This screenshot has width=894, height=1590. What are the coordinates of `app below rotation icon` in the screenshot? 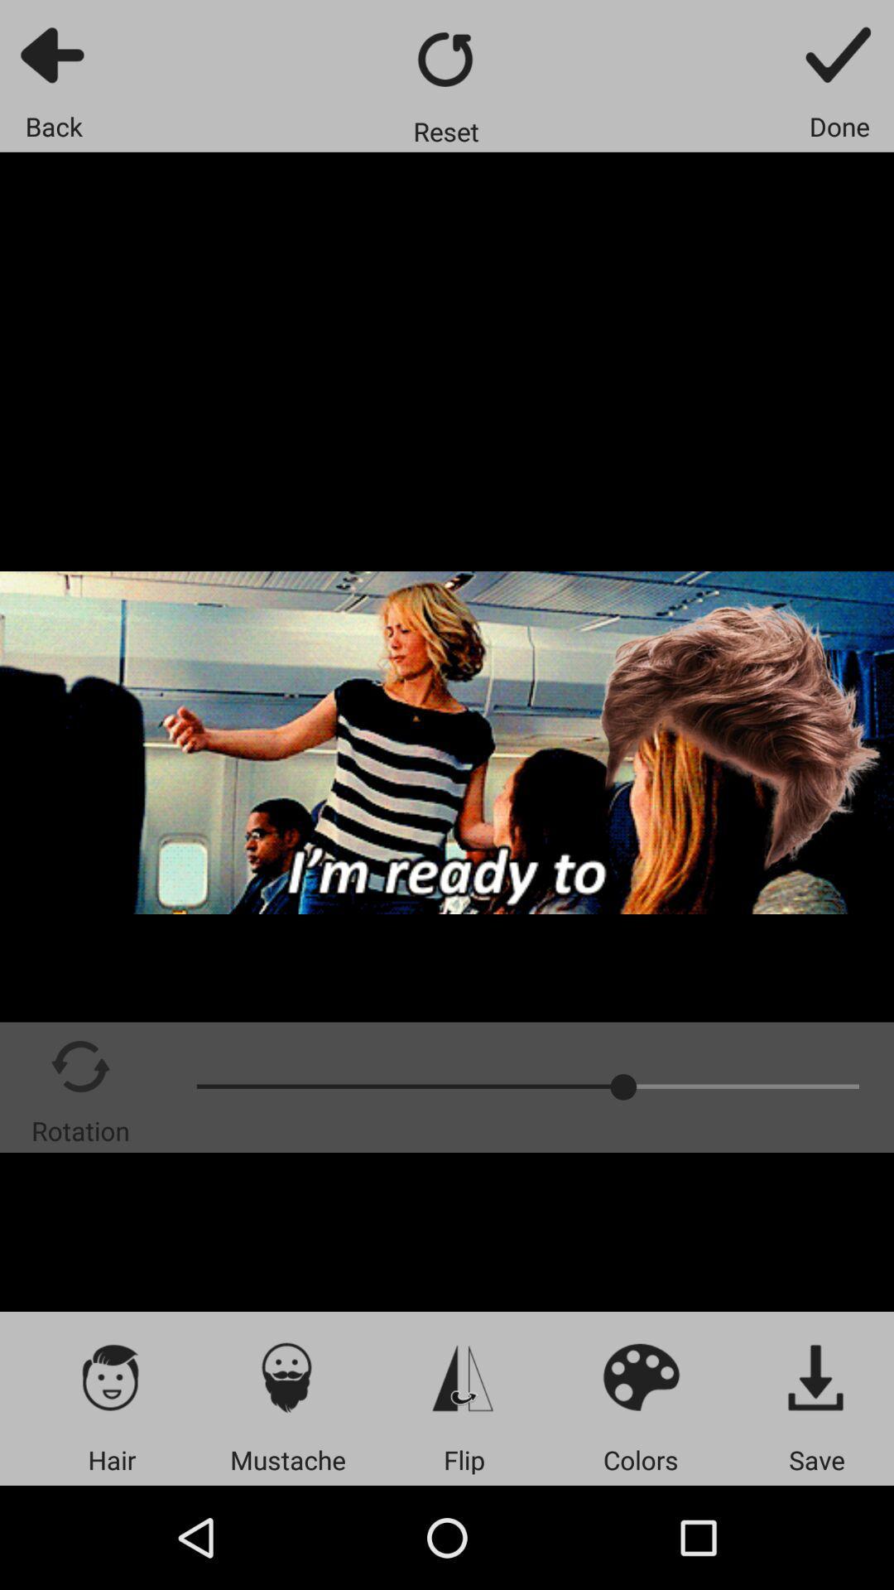 It's located at (112, 1376).